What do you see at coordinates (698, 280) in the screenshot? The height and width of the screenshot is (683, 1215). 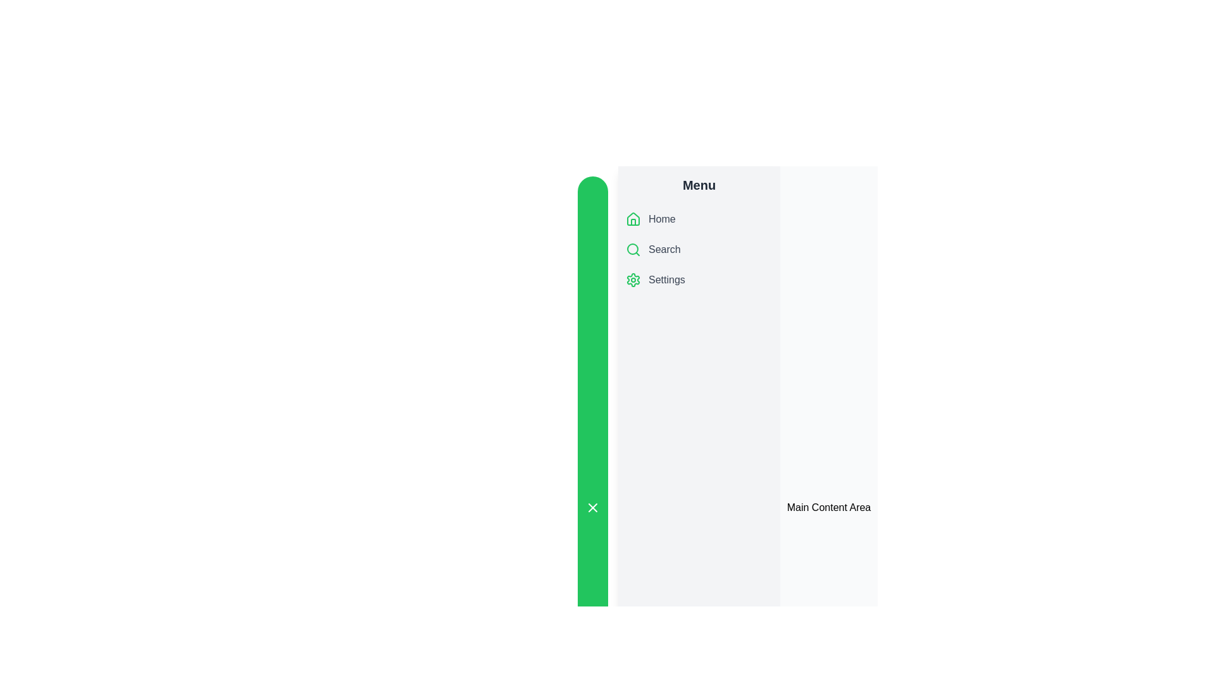 I see `the menu item Settings to select it` at bounding box center [698, 280].